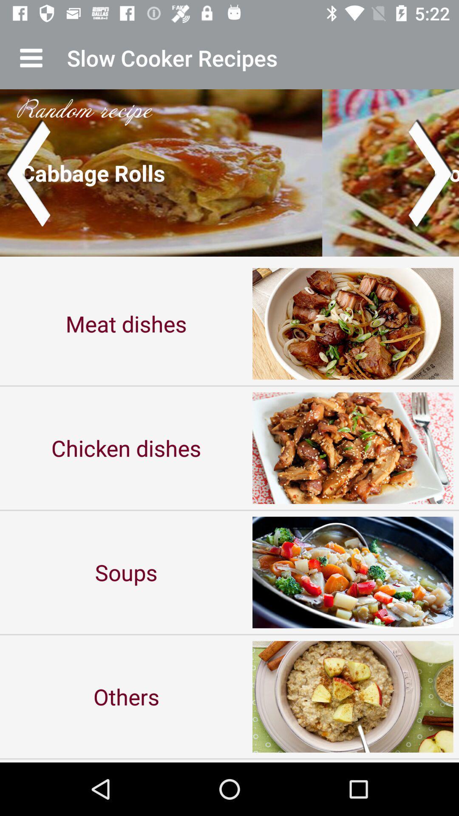 The width and height of the screenshot is (459, 816). What do you see at coordinates (27, 172) in the screenshot?
I see `previous picture` at bounding box center [27, 172].